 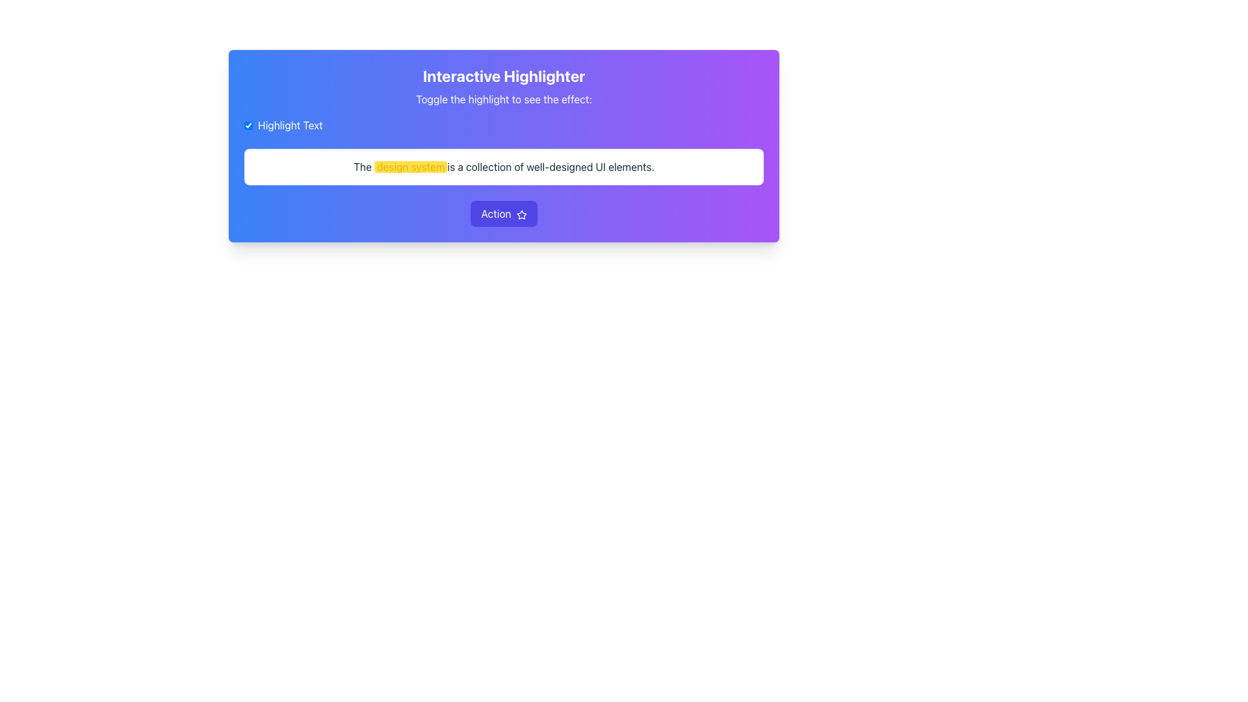 What do you see at coordinates (503, 75) in the screenshot?
I see `the Header text at the top of the section` at bounding box center [503, 75].